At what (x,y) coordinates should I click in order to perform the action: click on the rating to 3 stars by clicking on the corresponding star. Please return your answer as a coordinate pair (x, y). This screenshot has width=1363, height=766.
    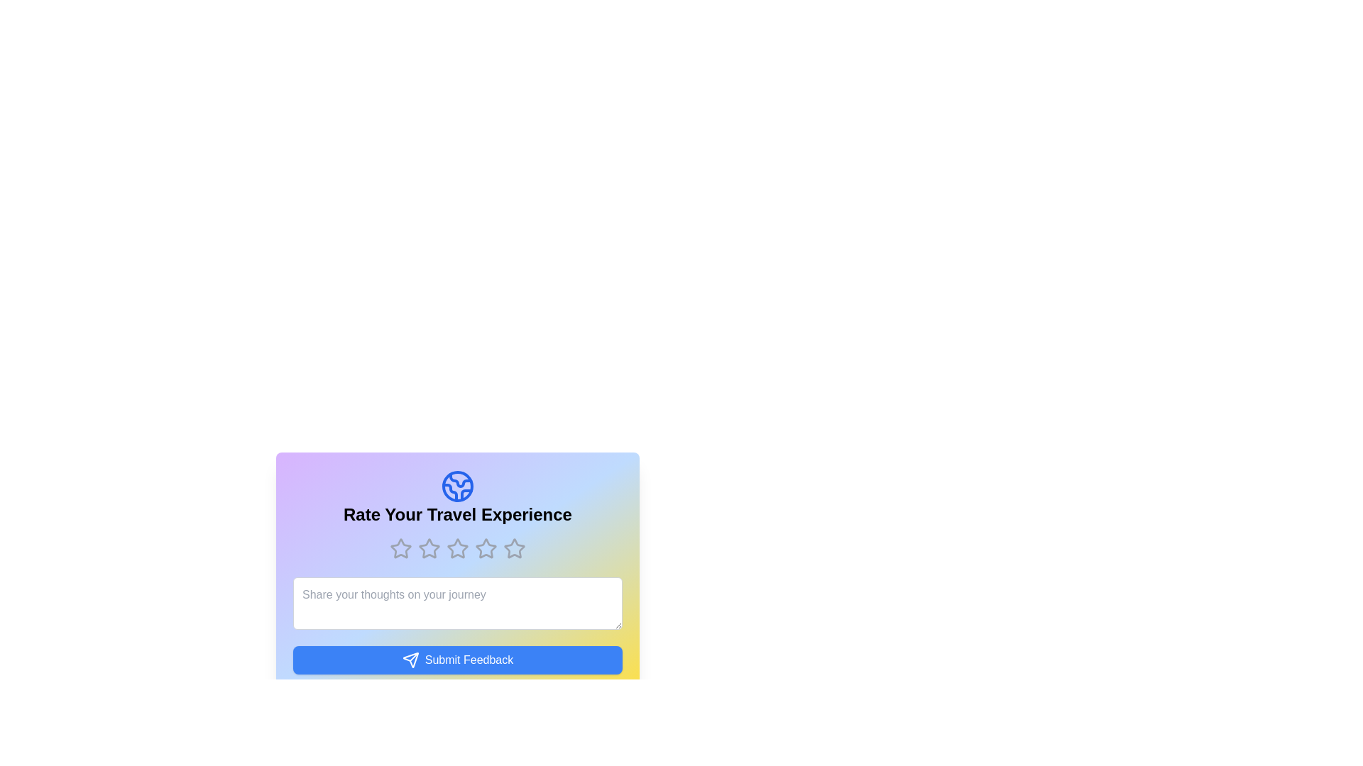
    Looking at the image, I should click on (457, 548).